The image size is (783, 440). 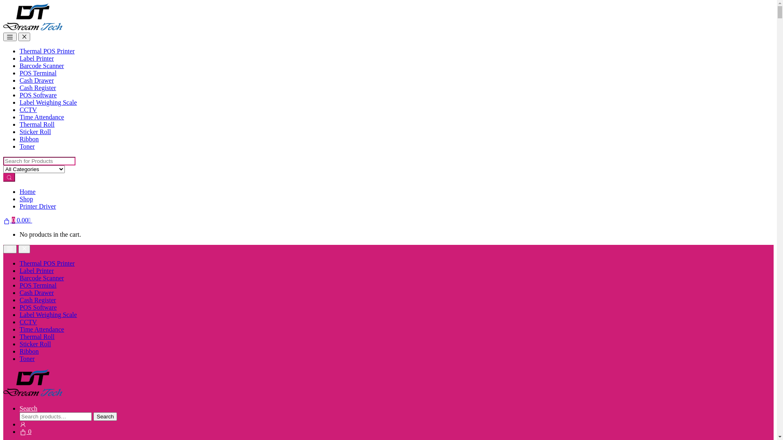 What do you see at coordinates (26, 199) in the screenshot?
I see `'Shop'` at bounding box center [26, 199].